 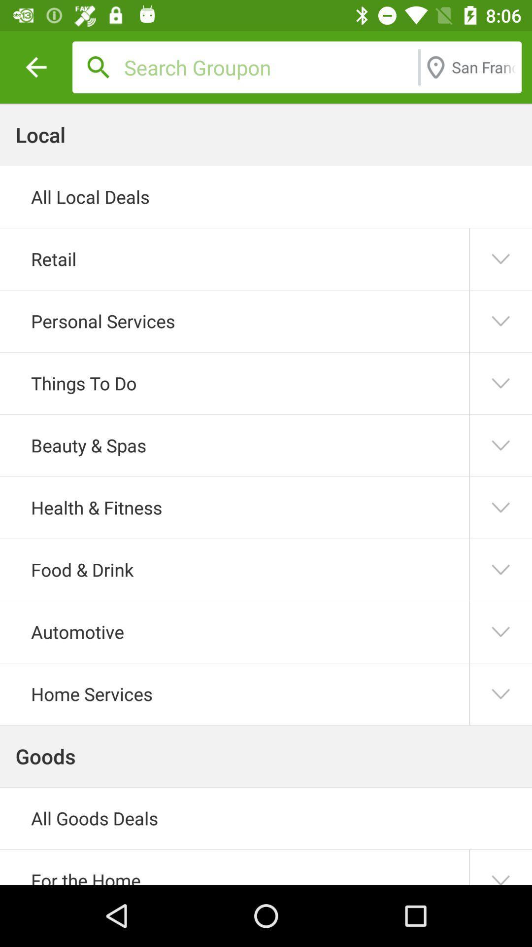 What do you see at coordinates (35, 67) in the screenshot?
I see `icon above the local` at bounding box center [35, 67].